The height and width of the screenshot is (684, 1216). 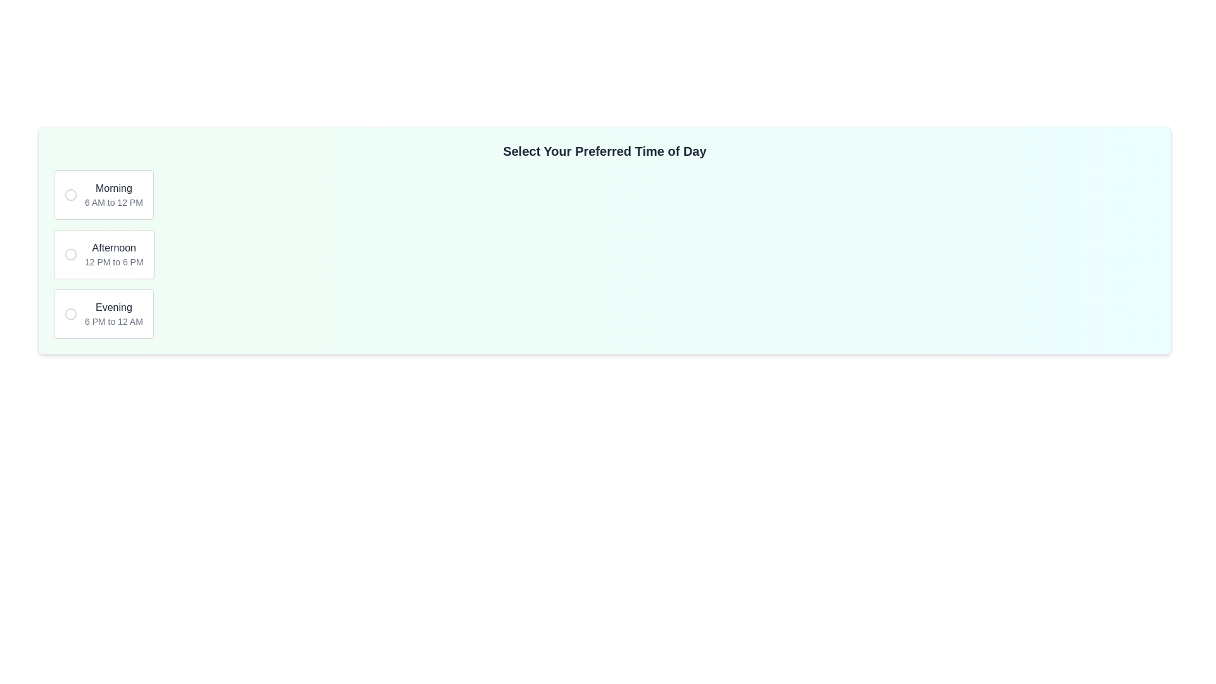 What do you see at coordinates (70, 195) in the screenshot?
I see `the unselected radio button for the 'Morning' option located at the top left of the group of selectable options` at bounding box center [70, 195].